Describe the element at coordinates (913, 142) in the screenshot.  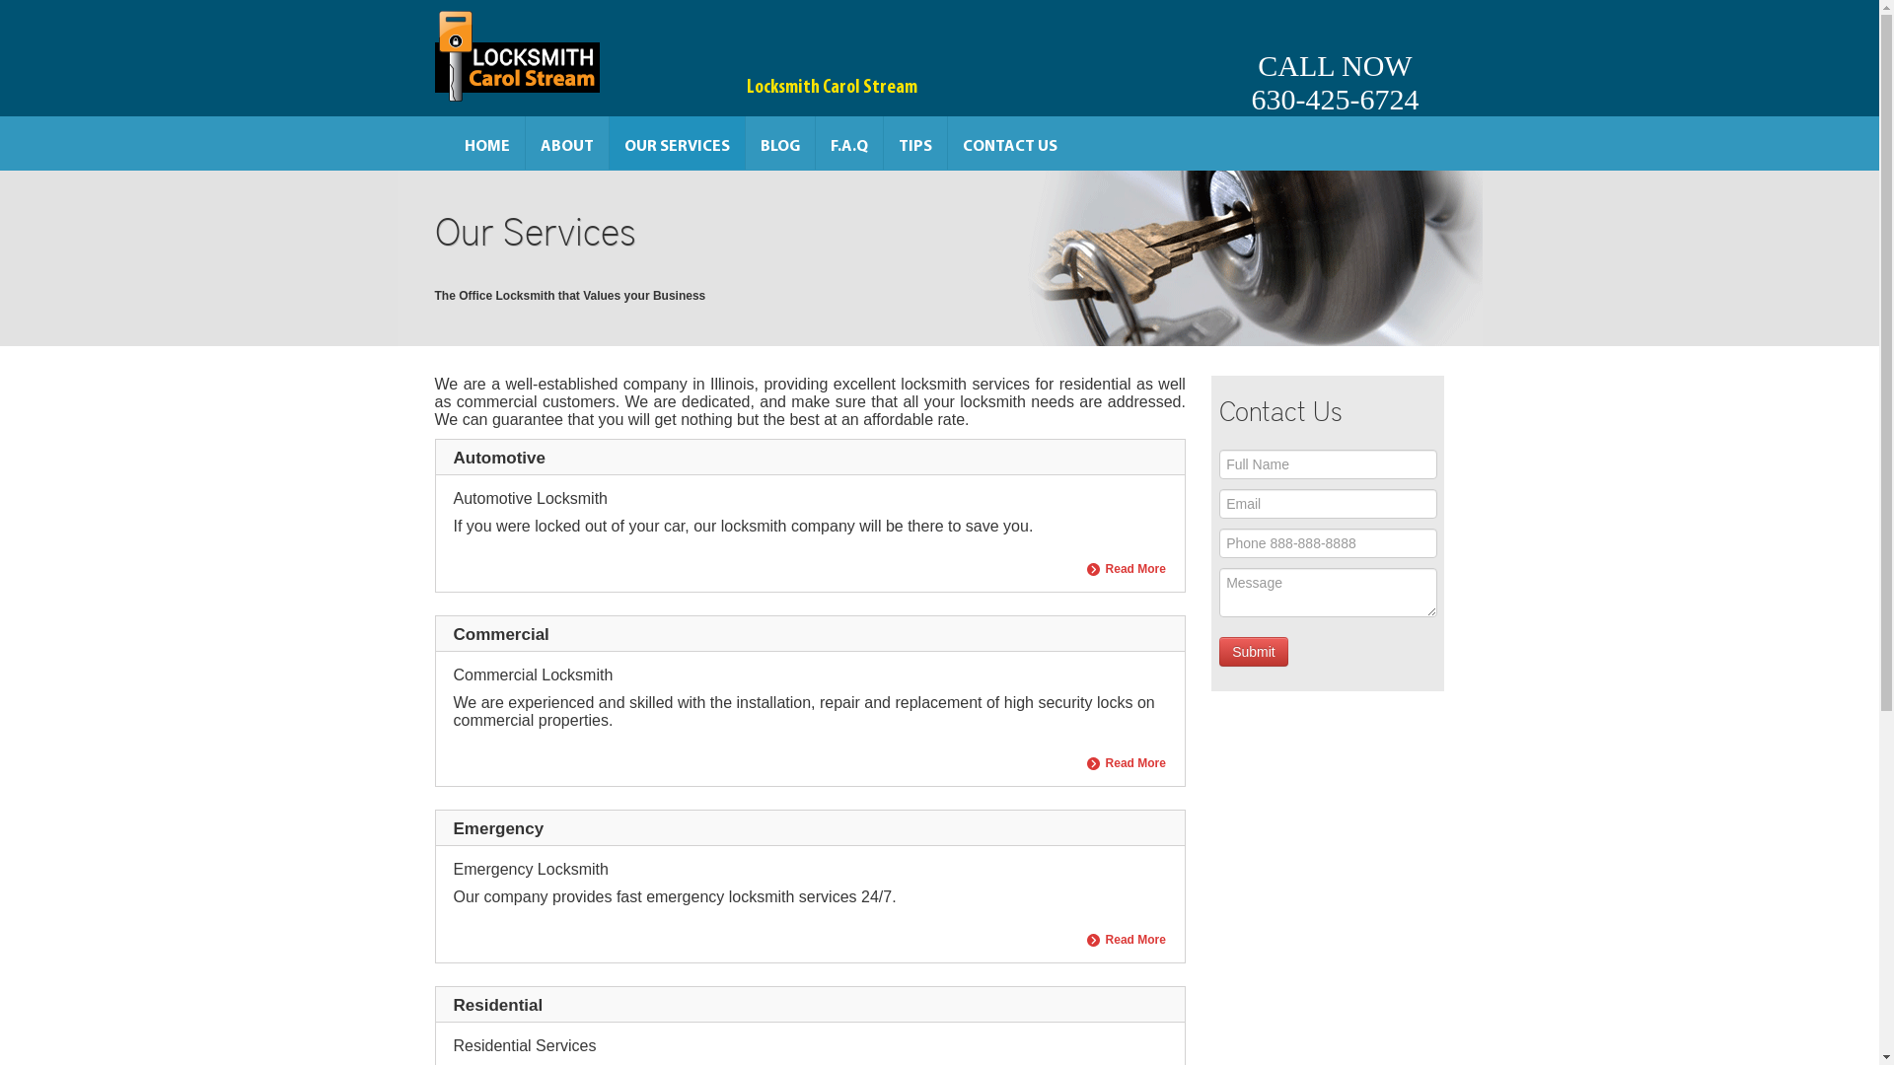
I see `'TIPS'` at that location.